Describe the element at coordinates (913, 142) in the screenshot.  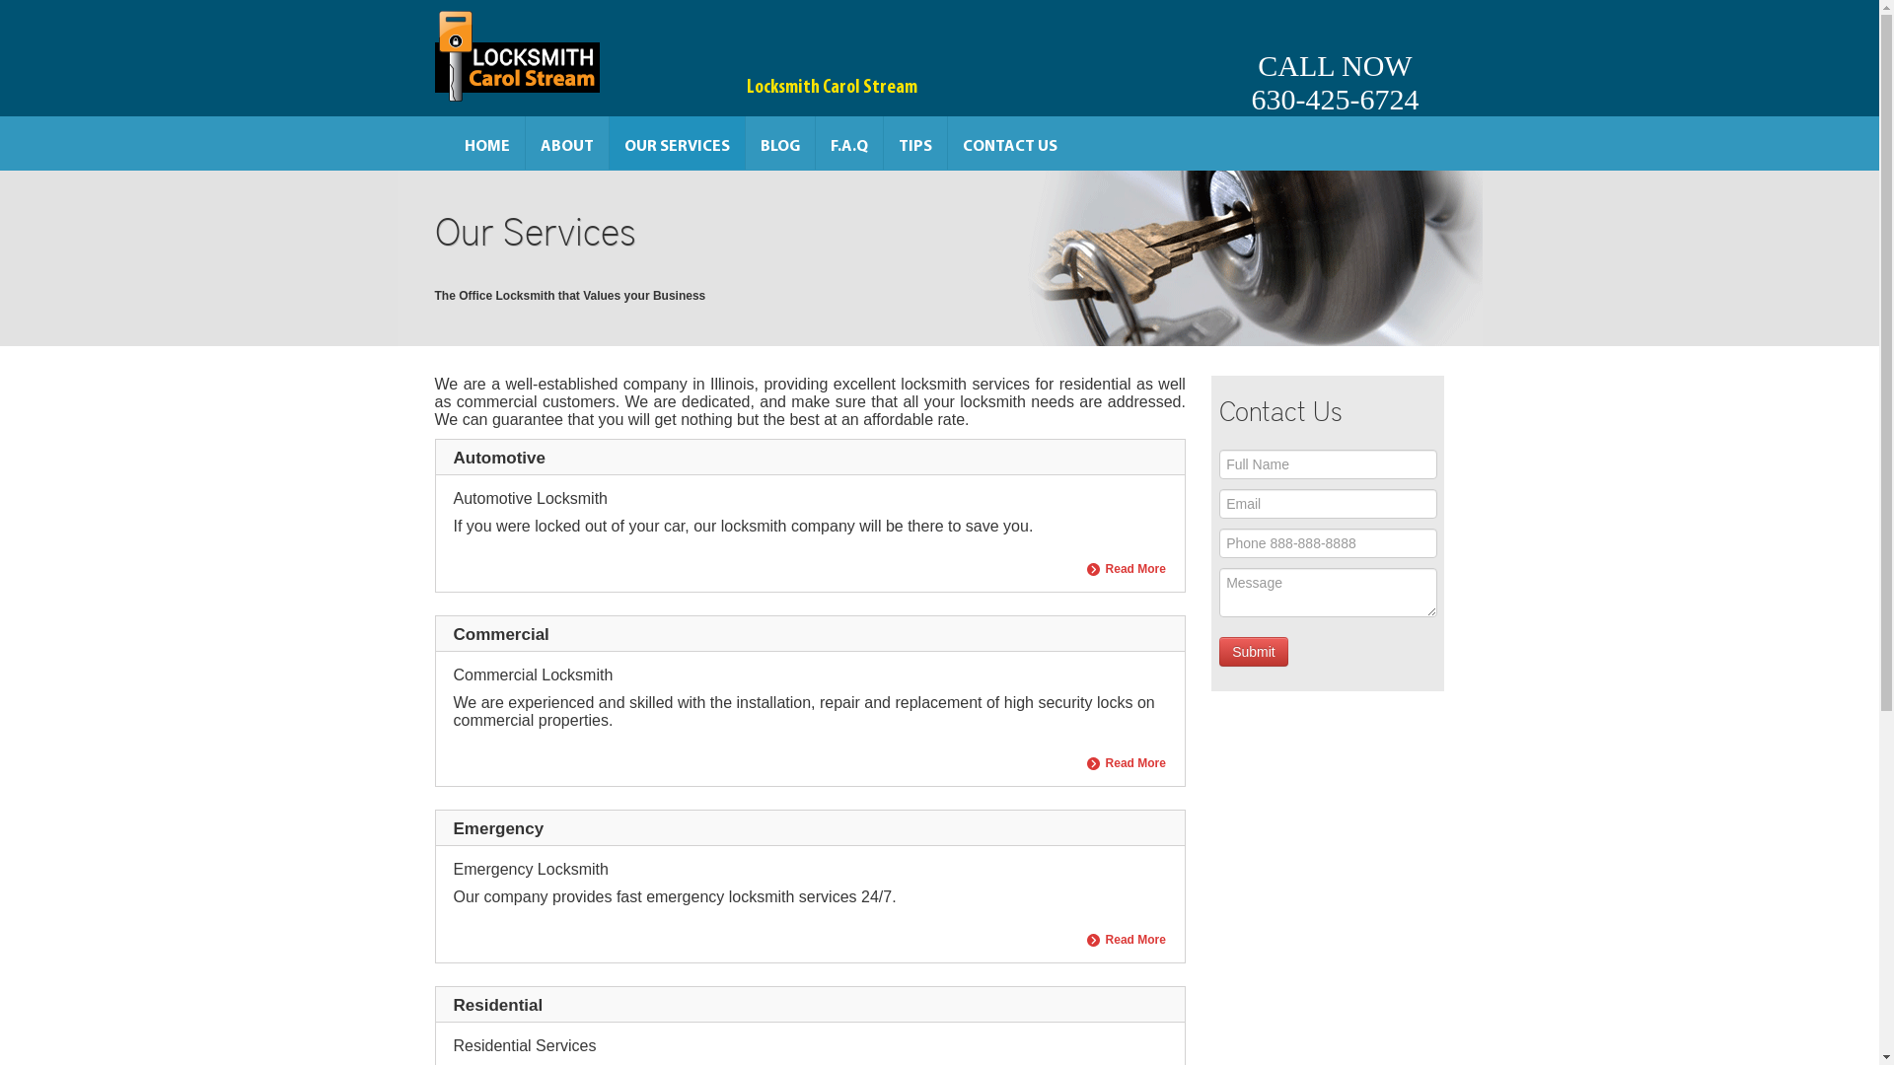
I see `'TIPS'` at that location.